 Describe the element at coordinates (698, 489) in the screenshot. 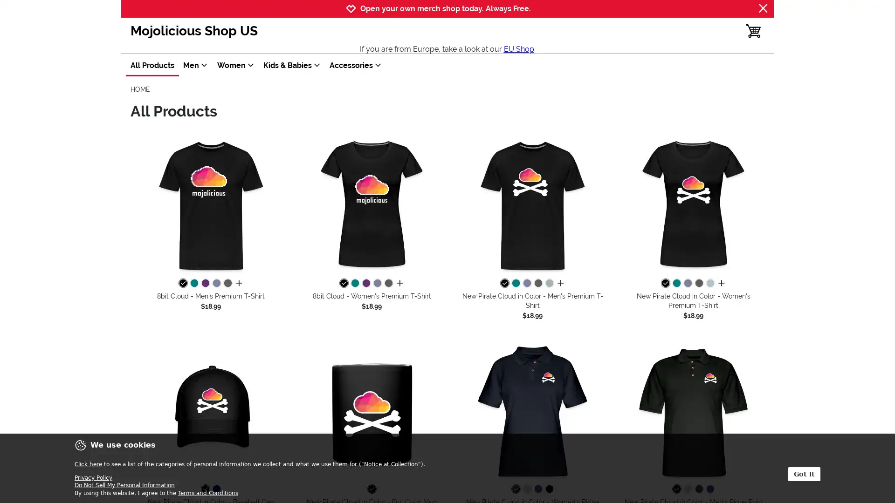

I see `midnight navy` at that location.